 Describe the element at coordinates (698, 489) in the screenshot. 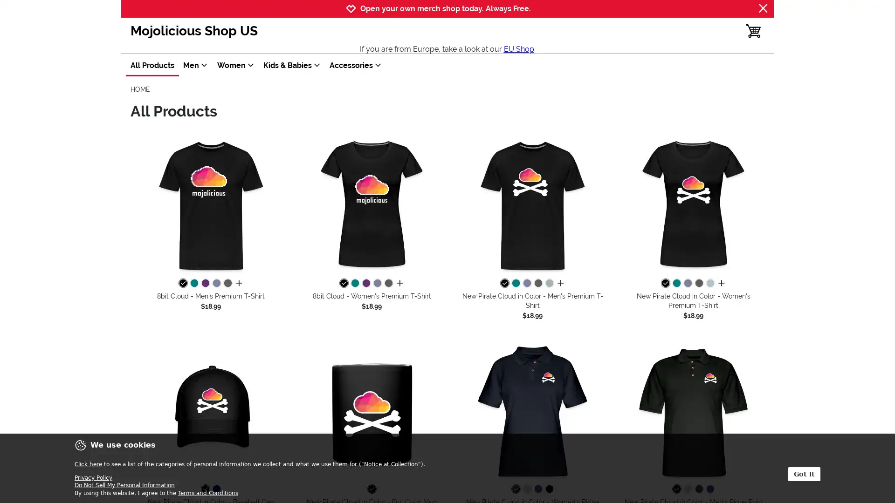

I see `midnight navy` at that location.